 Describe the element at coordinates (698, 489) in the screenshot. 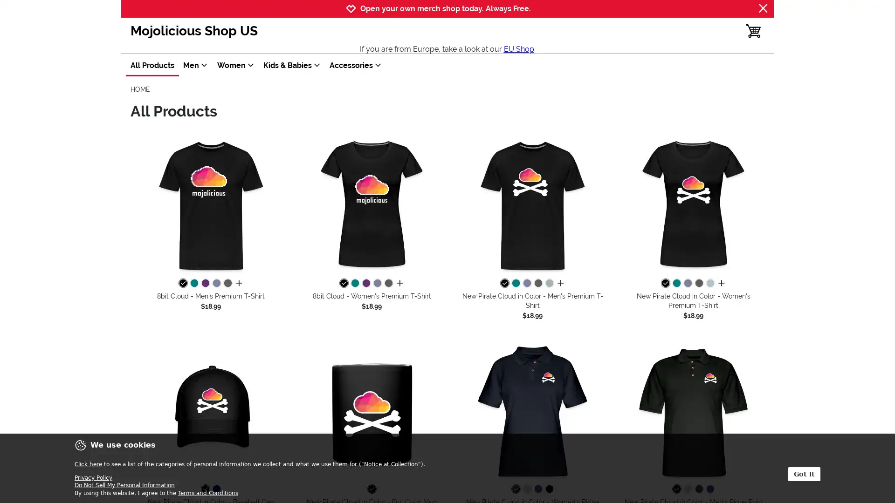

I see `midnight navy` at that location.